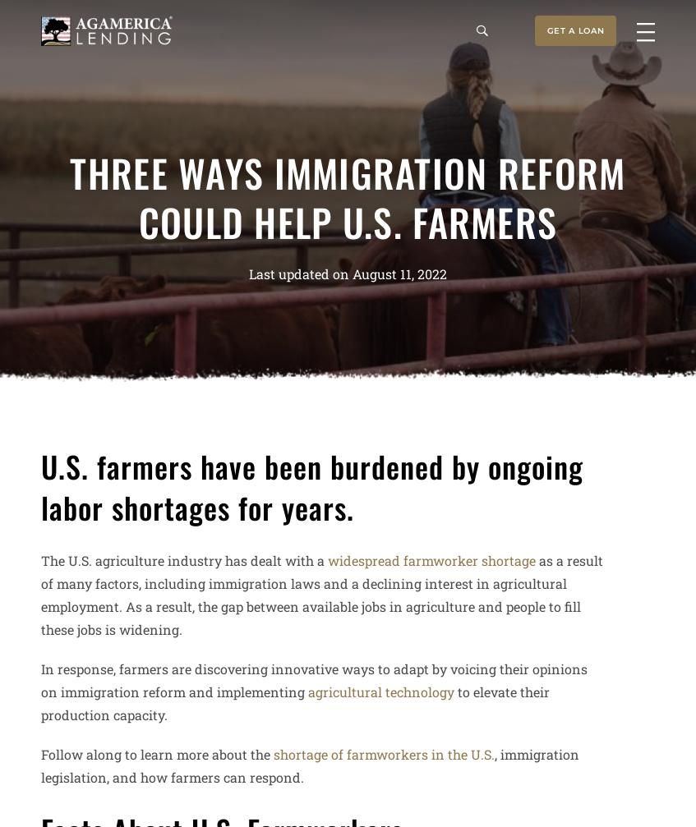 Image resolution: width=696 pixels, height=827 pixels. What do you see at coordinates (313, 678) in the screenshot?
I see `'In response, farmers are discovering innovative ways to adapt by voicing their opinions on immigration reform and implementing'` at bounding box center [313, 678].